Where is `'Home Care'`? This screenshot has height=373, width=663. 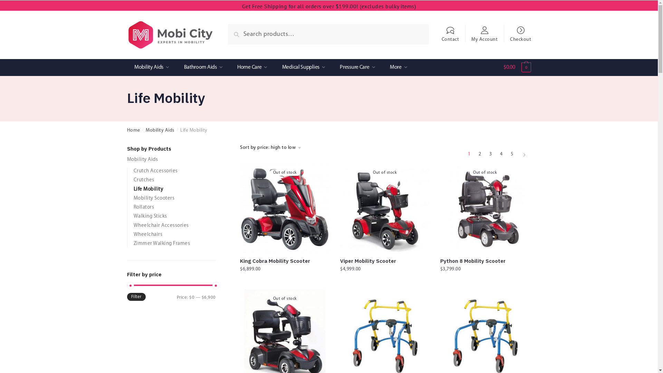 'Home Care' is located at coordinates (252, 67).